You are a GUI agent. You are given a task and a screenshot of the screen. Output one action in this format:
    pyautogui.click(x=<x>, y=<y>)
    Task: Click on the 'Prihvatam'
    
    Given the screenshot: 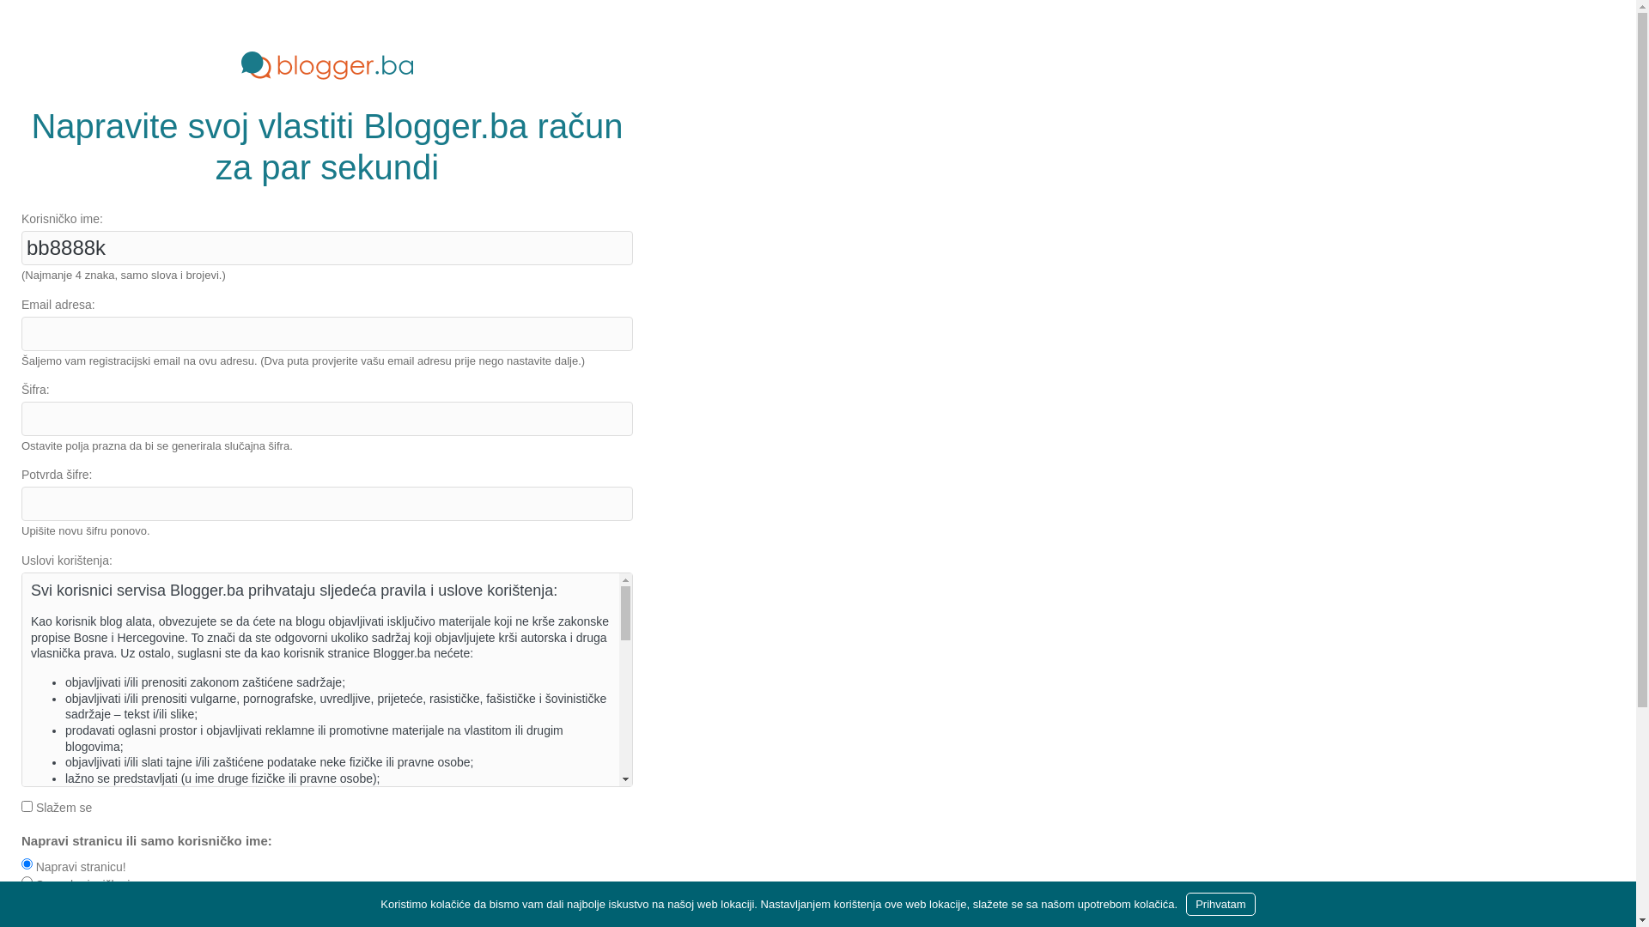 What is the action you would take?
    pyautogui.click(x=1220, y=903)
    